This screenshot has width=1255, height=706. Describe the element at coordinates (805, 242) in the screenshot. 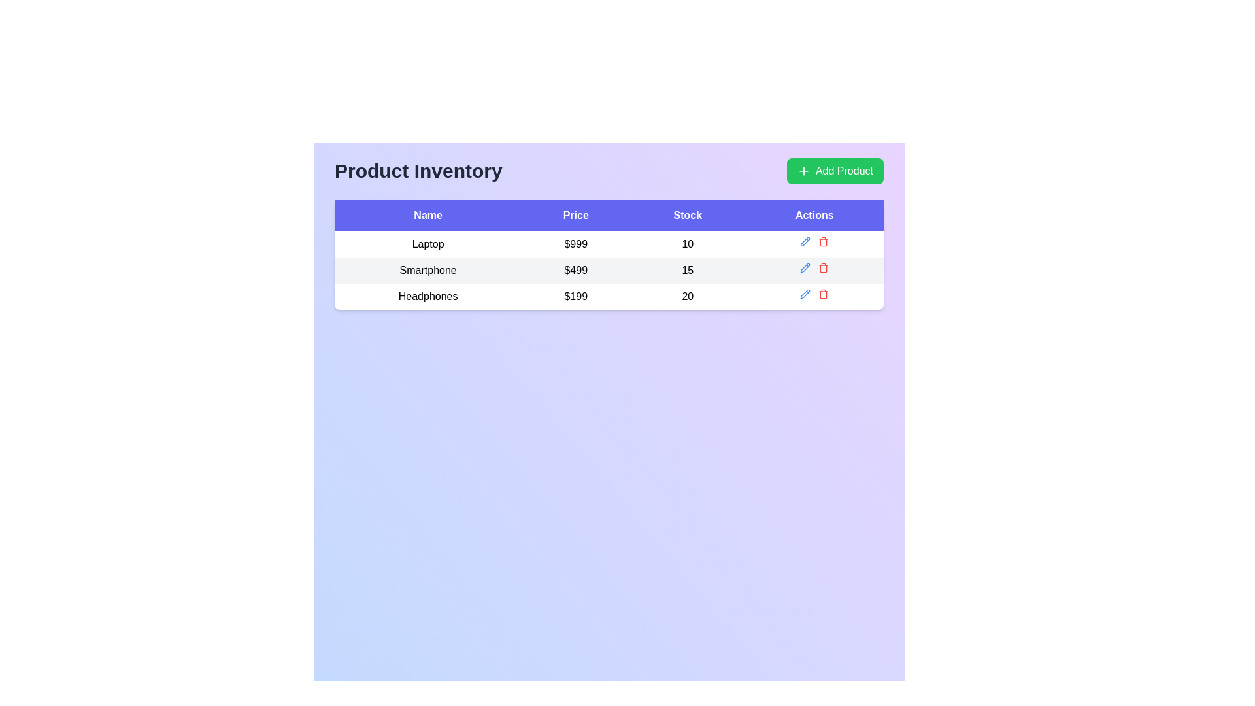

I see `the edit icon for the 'Smartphone' product in the Actions column` at that location.